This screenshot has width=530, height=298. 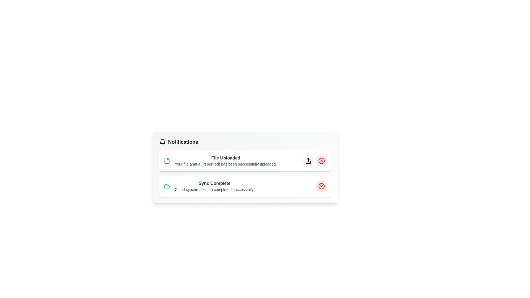 I want to click on the interactive parts of the notification titled 'File Uploaded', which is the first notification item in the panel, so click(x=220, y=161).